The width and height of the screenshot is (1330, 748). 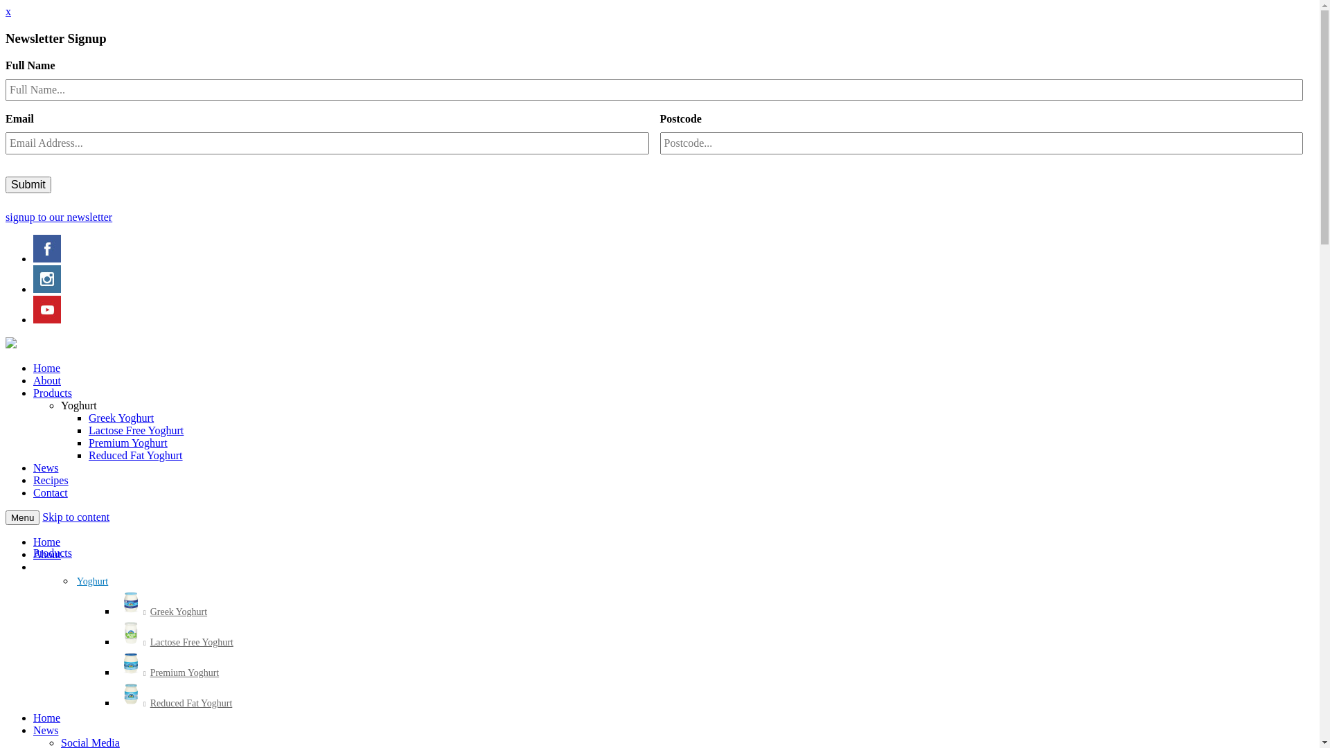 What do you see at coordinates (8, 11) in the screenshot?
I see `'x'` at bounding box center [8, 11].